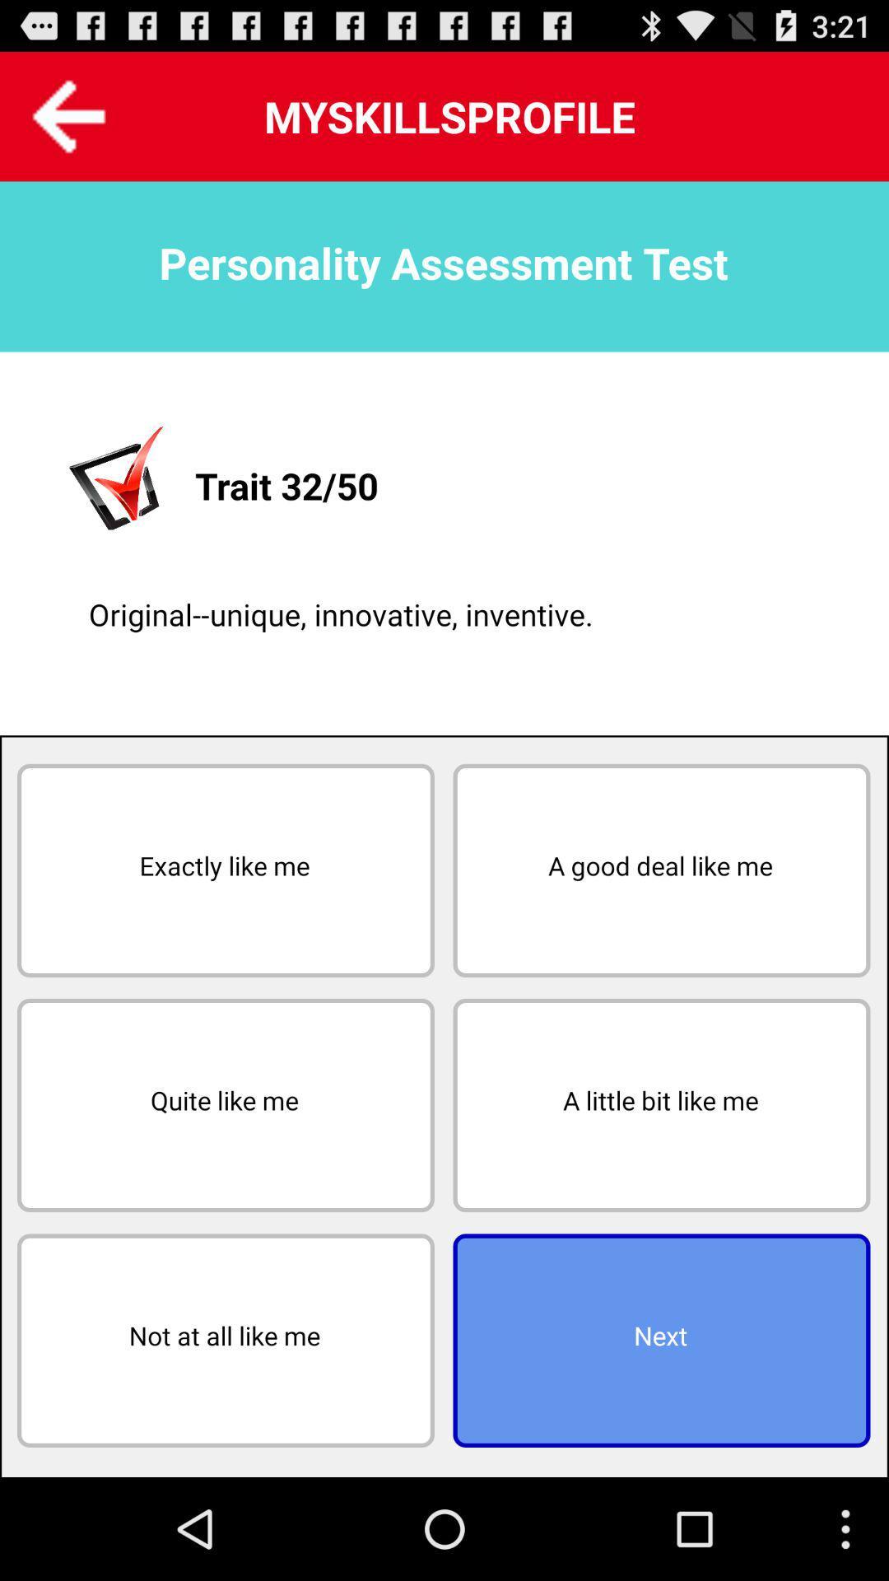 Image resolution: width=889 pixels, height=1581 pixels. I want to click on next, so click(660, 1341).